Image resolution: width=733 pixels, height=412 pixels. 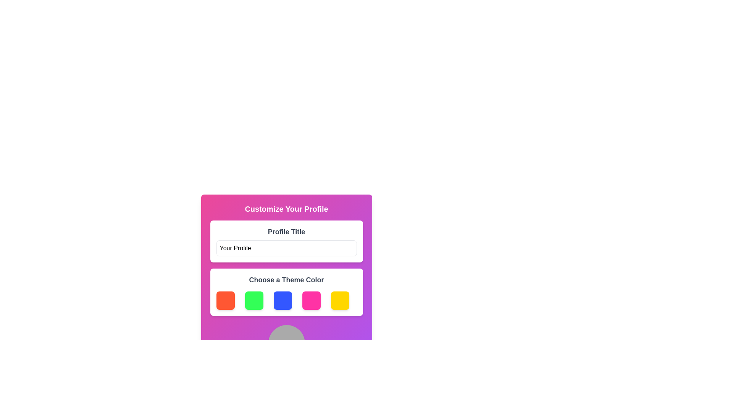 I want to click on the third button in the horizontal grid, which is a vivid blue square-shaped button, so click(x=282, y=300).